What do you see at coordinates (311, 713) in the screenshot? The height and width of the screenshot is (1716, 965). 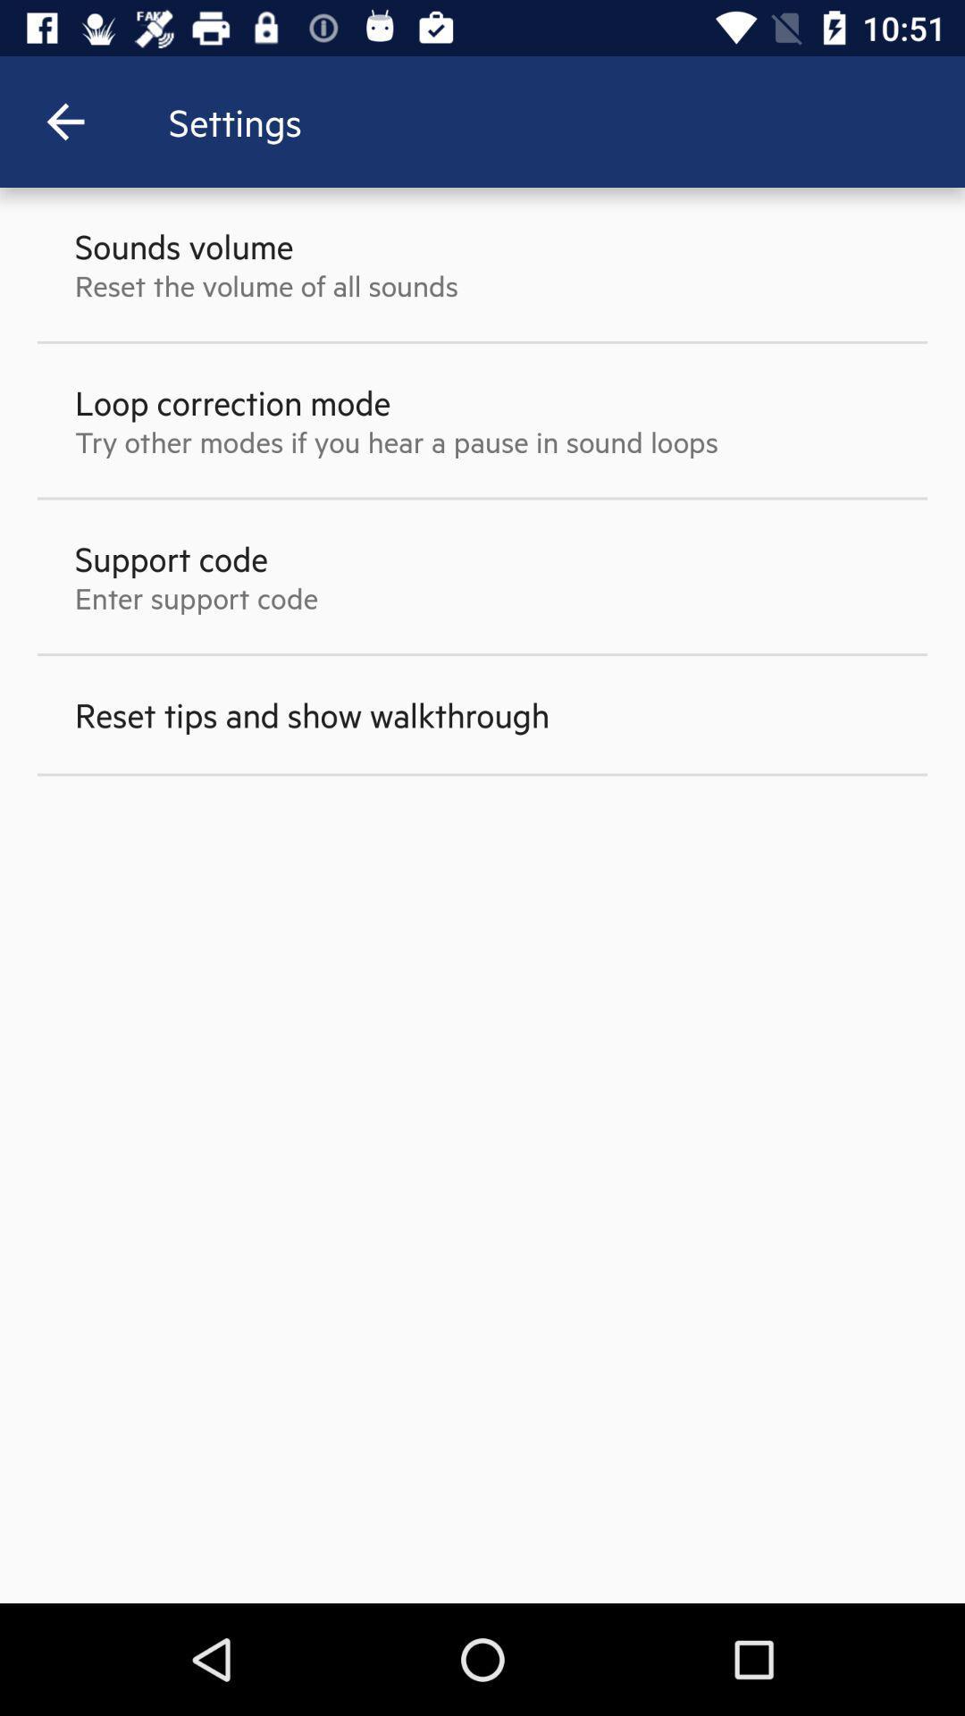 I see `reset tips and icon` at bounding box center [311, 713].